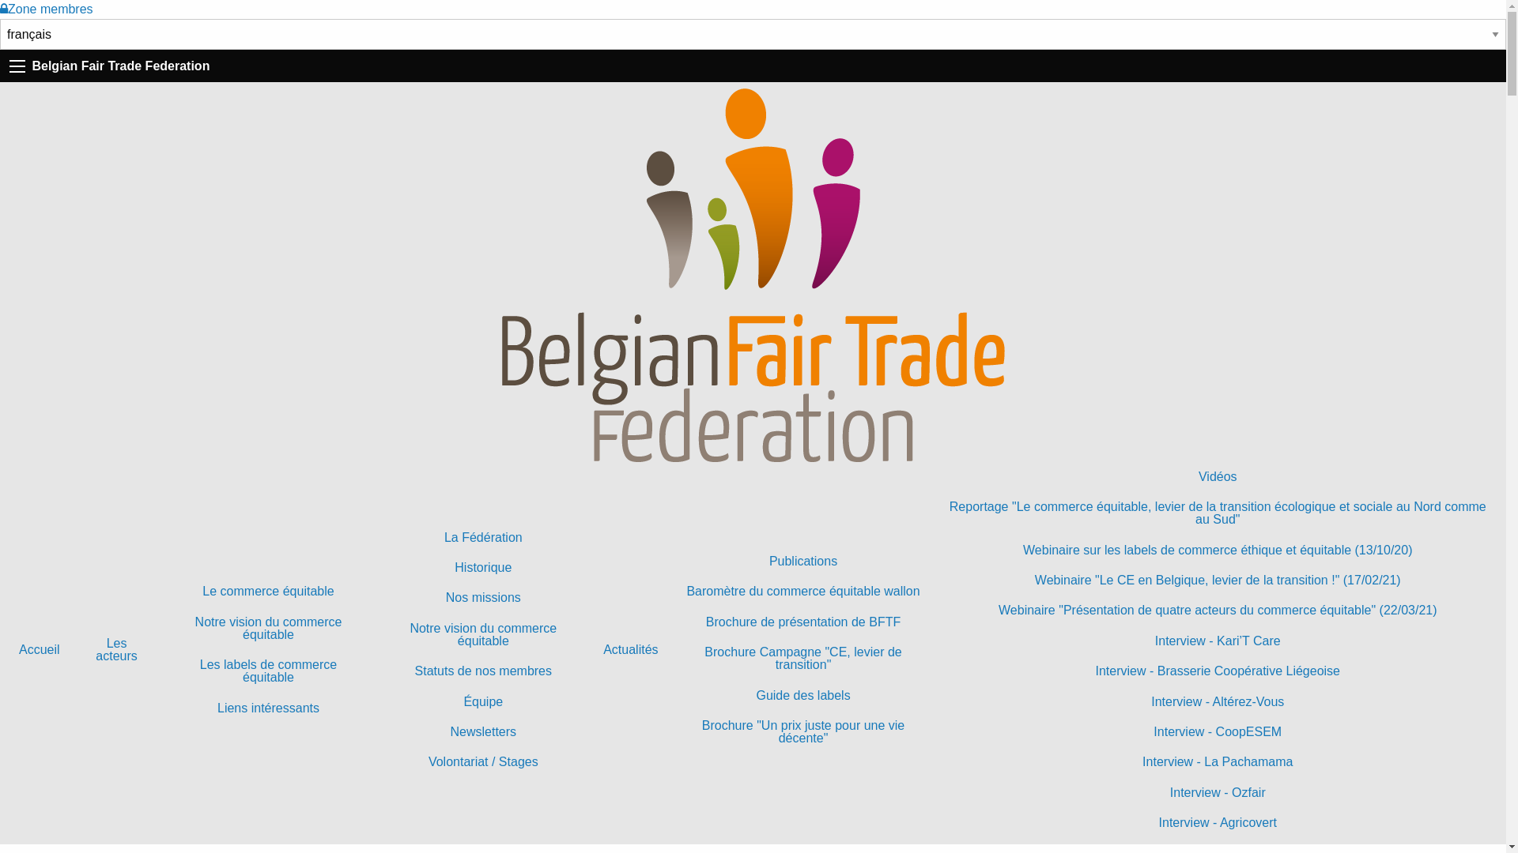 This screenshot has width=1518, height=853. I want to click on 'Accueil', so click(39, 649).